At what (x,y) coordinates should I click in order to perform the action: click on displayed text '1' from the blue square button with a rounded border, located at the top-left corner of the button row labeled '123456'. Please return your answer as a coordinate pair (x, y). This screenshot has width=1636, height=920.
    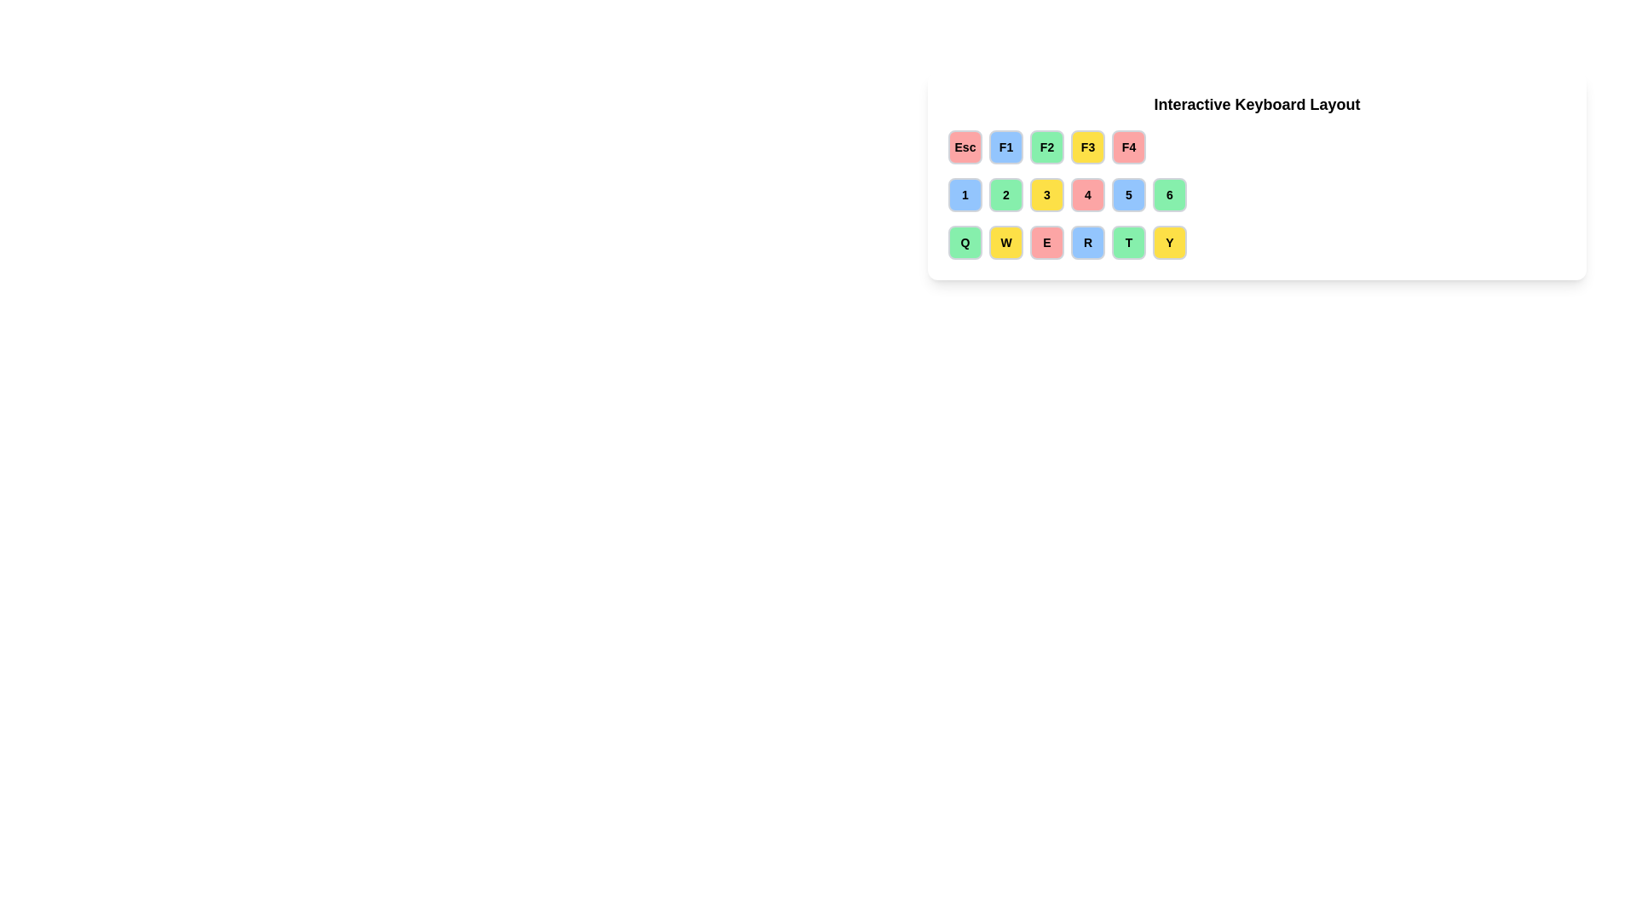
    Looking at the image, I should click on (965, 193).